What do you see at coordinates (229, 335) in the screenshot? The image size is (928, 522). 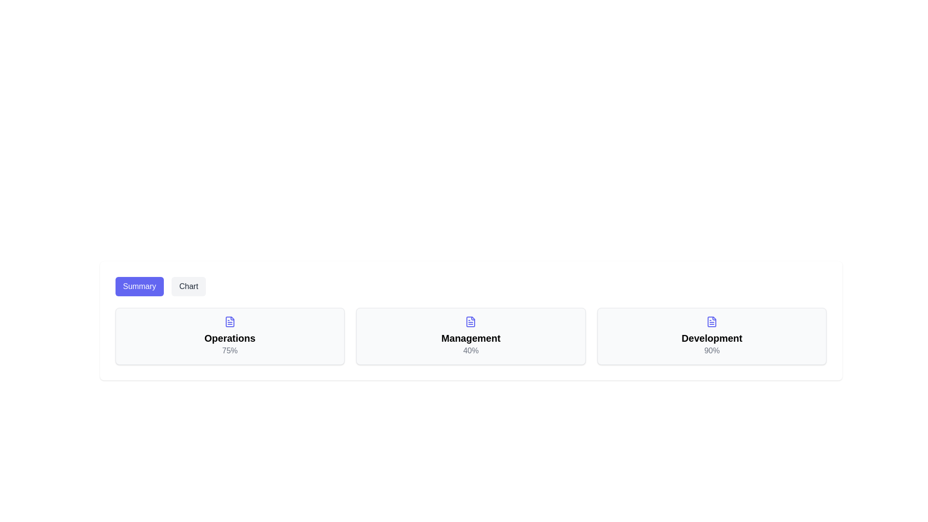 I see `the 'Operations' card at the top-left part of the layout` at bounding box center [229, 335].